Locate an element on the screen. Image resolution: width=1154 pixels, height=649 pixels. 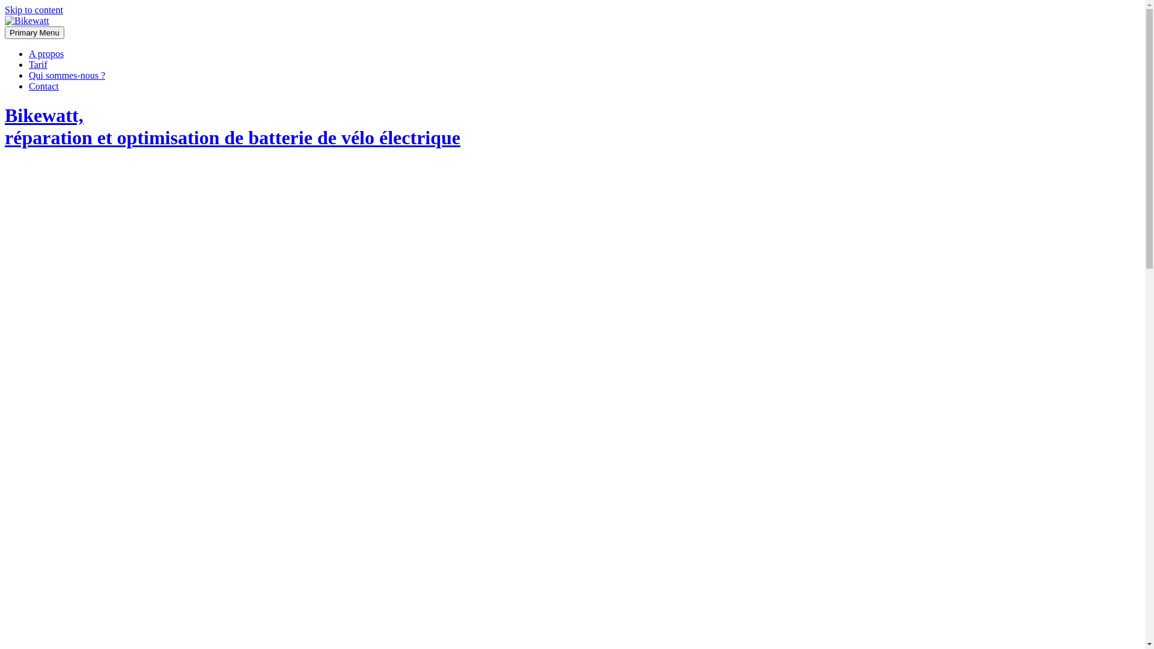
'Primary Menu' is located at coordinates (34, 32).